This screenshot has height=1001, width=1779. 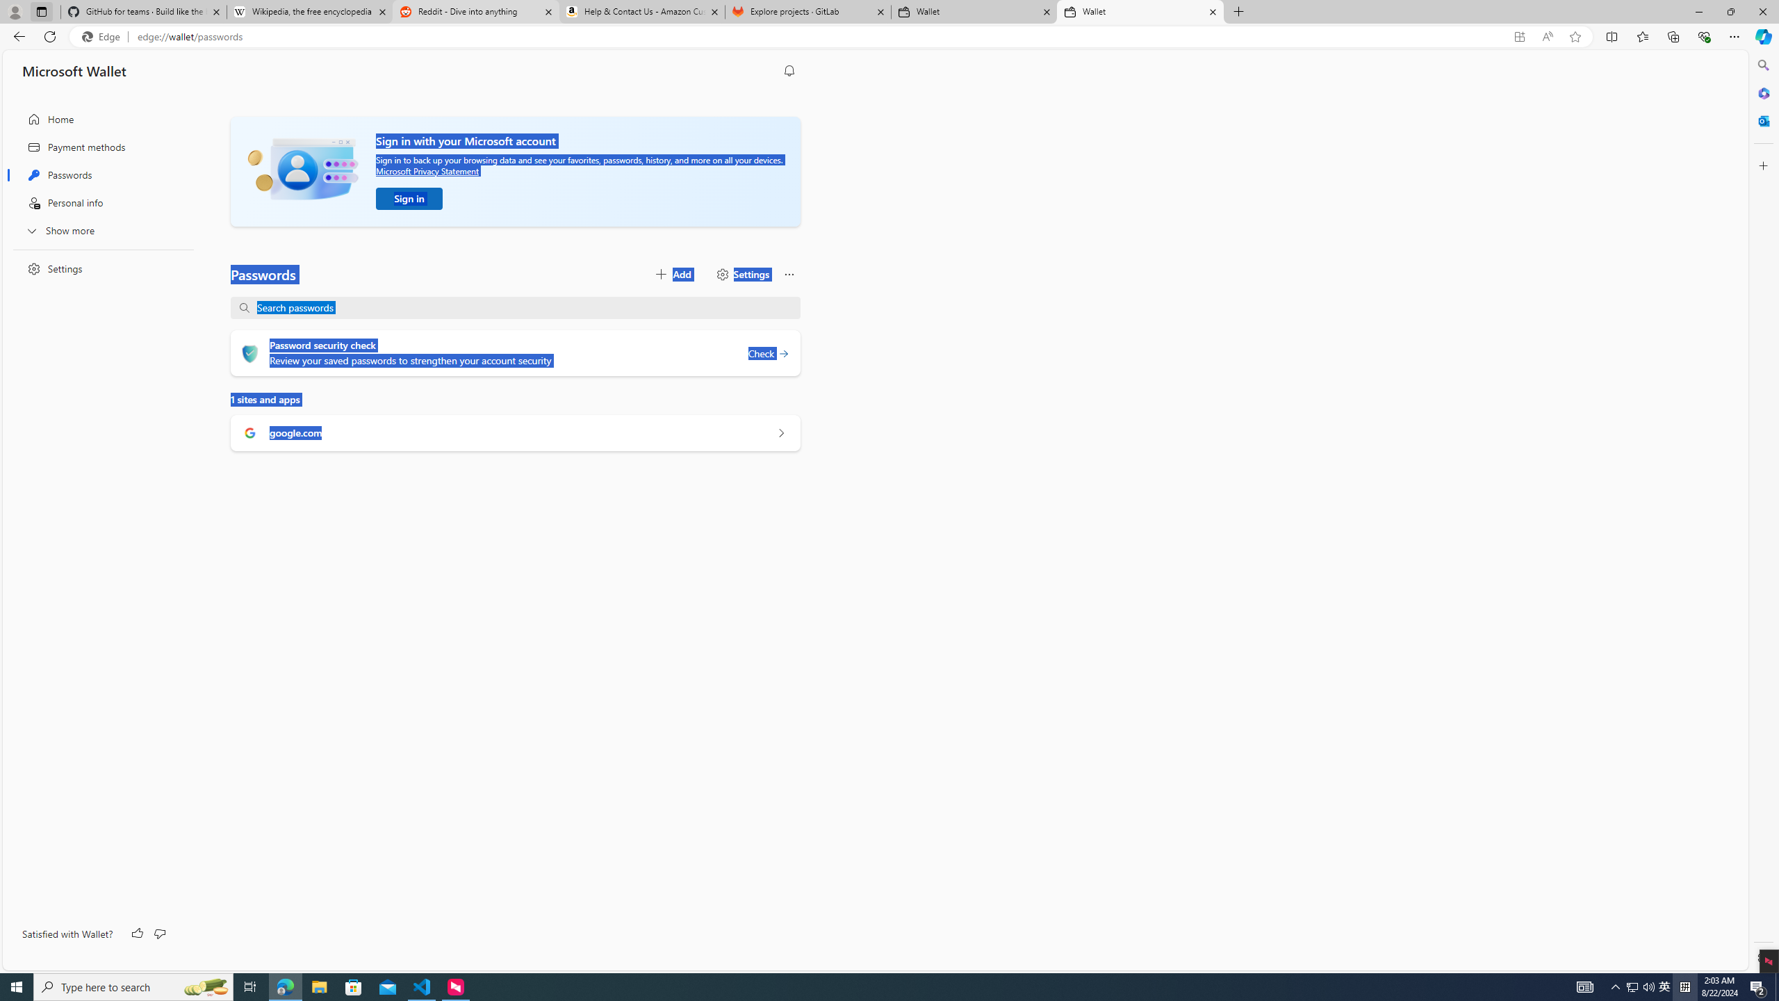 What do you see at coordinates (99, 229) in the screenshot?
I see `'Show more'` at bounding box center [99, 229].